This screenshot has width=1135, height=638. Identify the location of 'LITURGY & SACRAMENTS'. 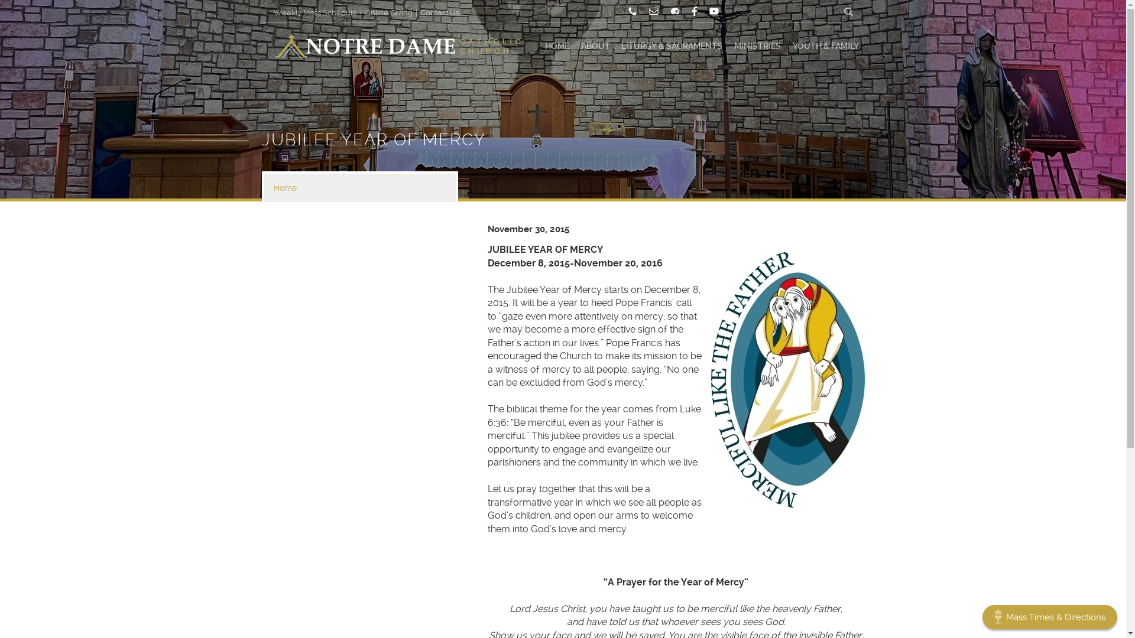
(672, 45).